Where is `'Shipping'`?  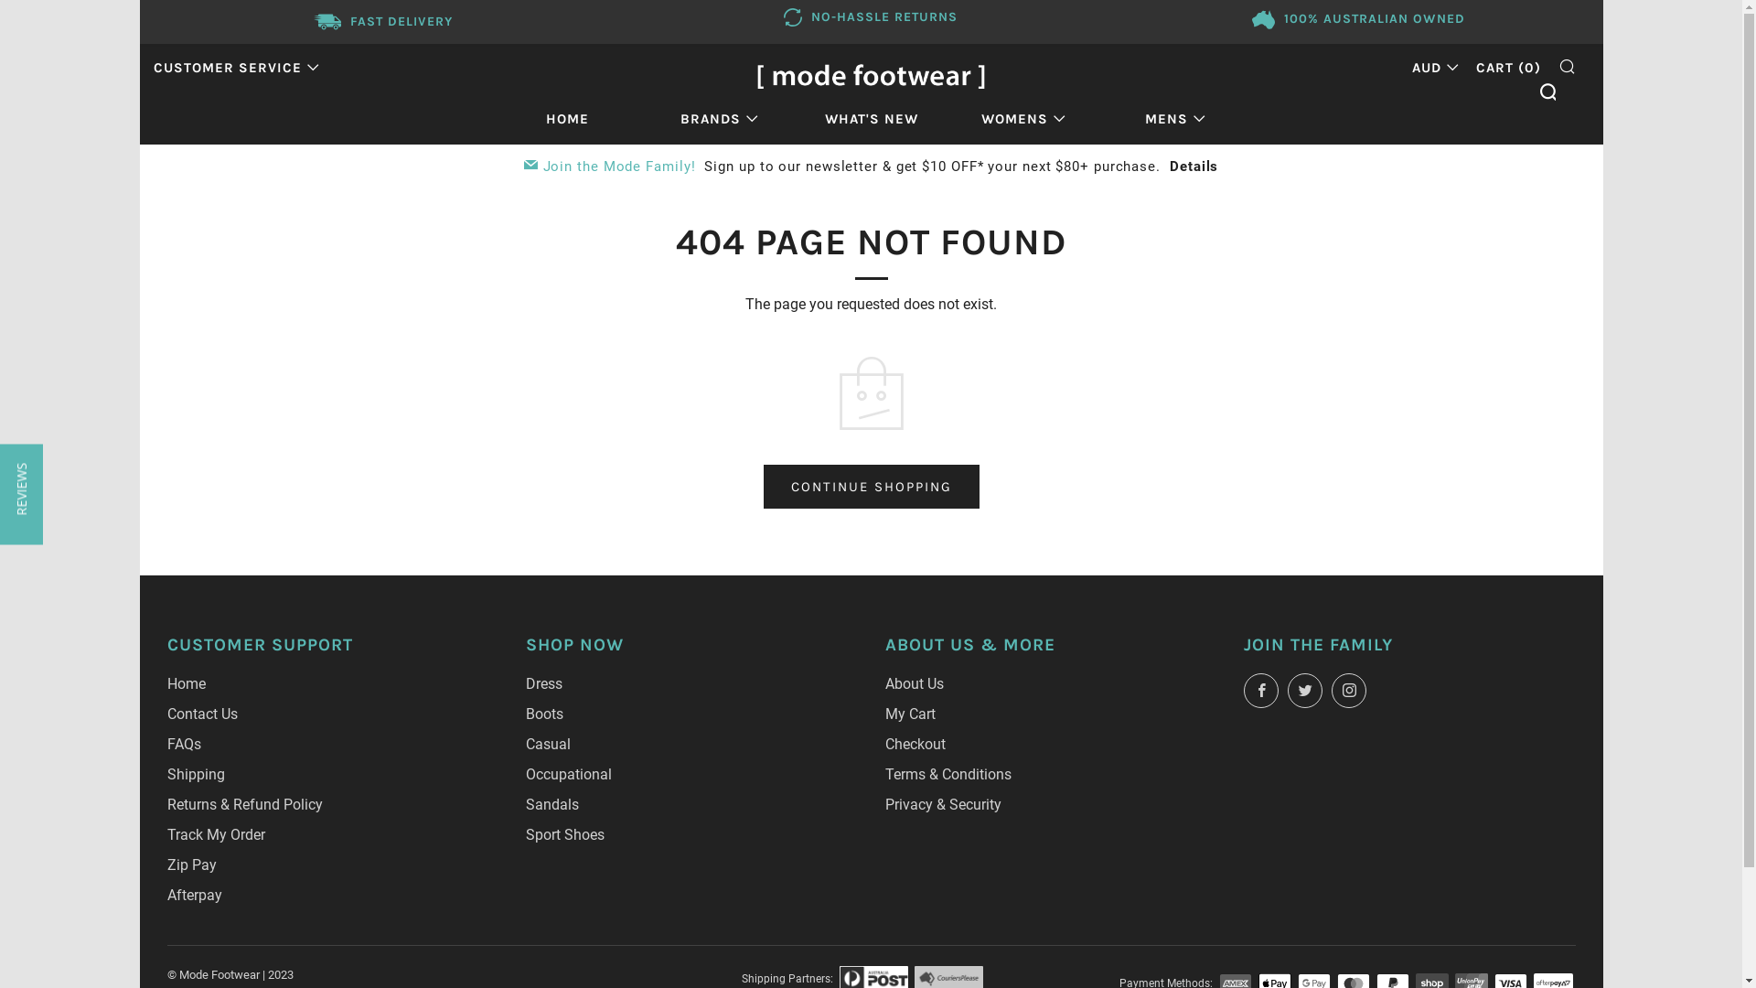
'Shipping' is located at coordinates (195, 774).